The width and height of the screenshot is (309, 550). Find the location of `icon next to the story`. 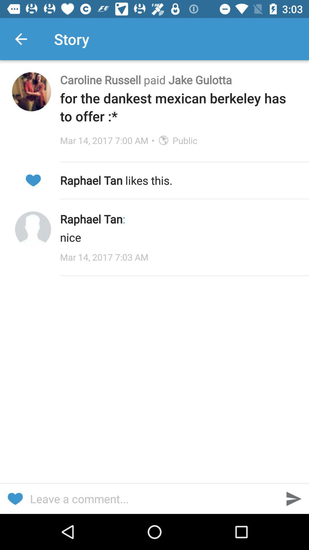

icon next to the story is located at coordinates (21, 39).